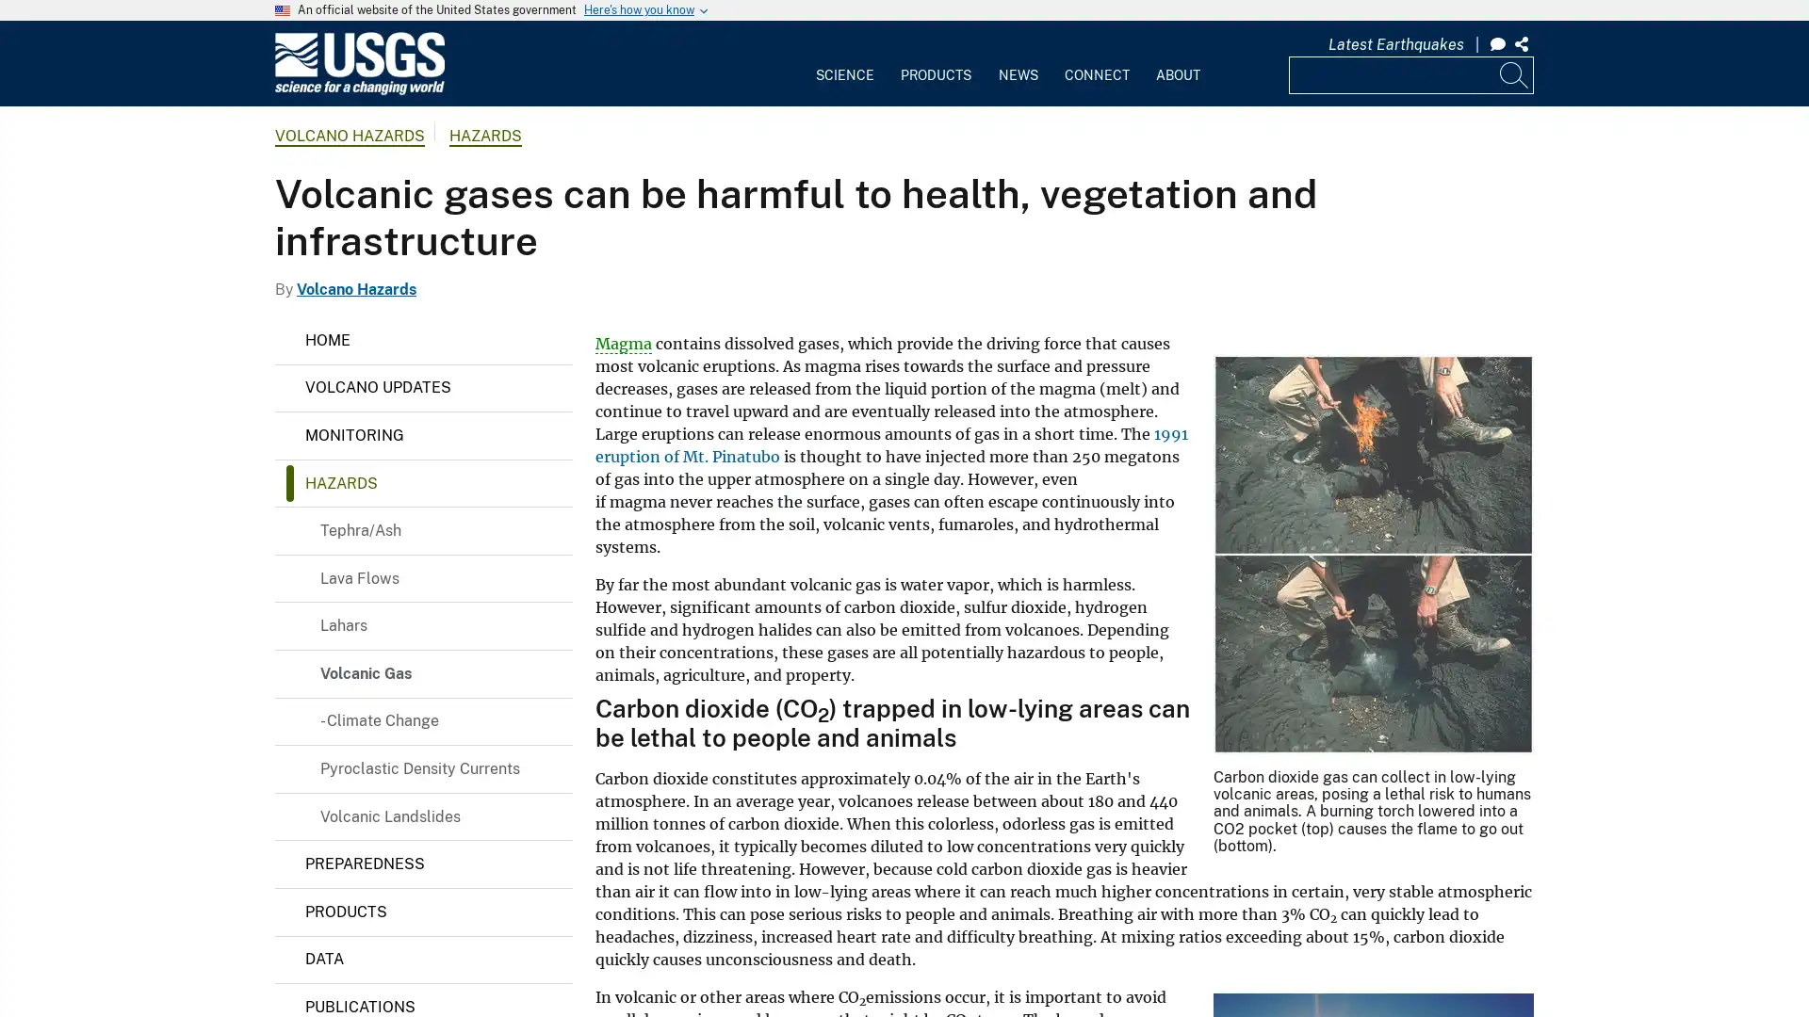 This screenshot has height=1017, width=1809. Describe the element at coordinates (1017, 61) in the screenshot. I see `NEWS` at that location.